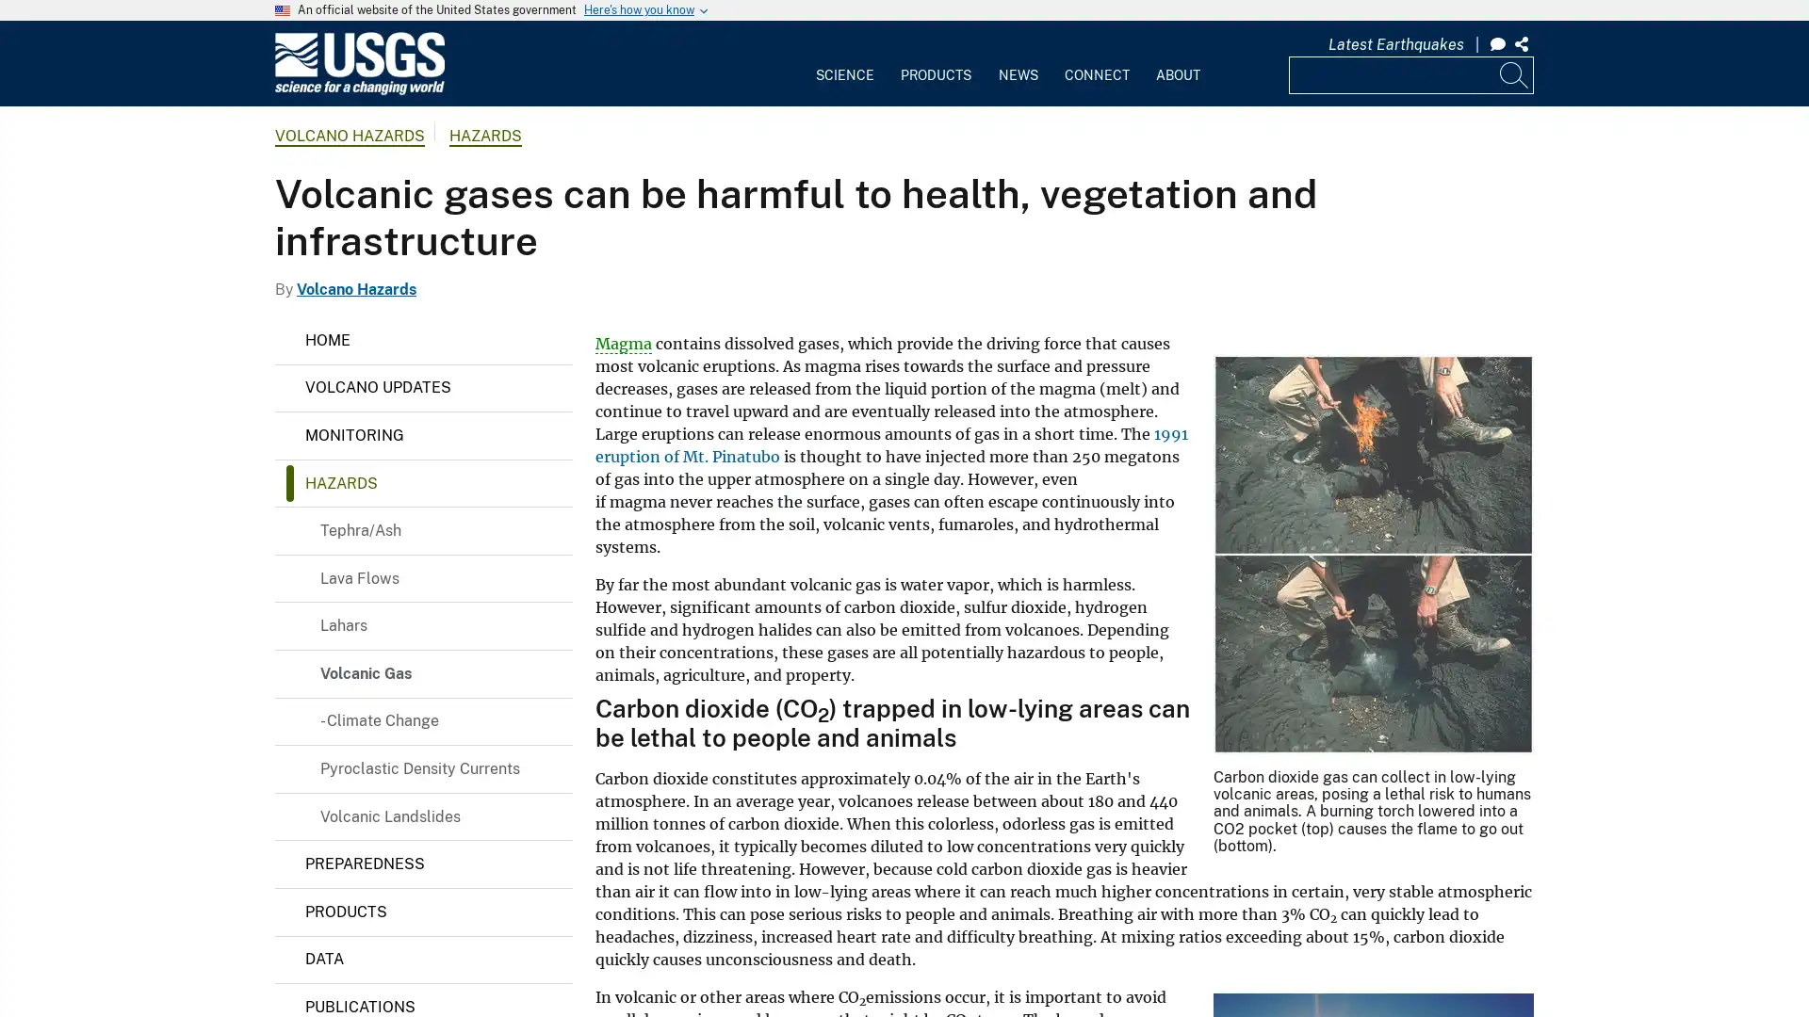 This screenshot has height=1017, width=1809. Describe the element at coordinates (1017, 61) in the screenshot. I see `NEWS` at that location.